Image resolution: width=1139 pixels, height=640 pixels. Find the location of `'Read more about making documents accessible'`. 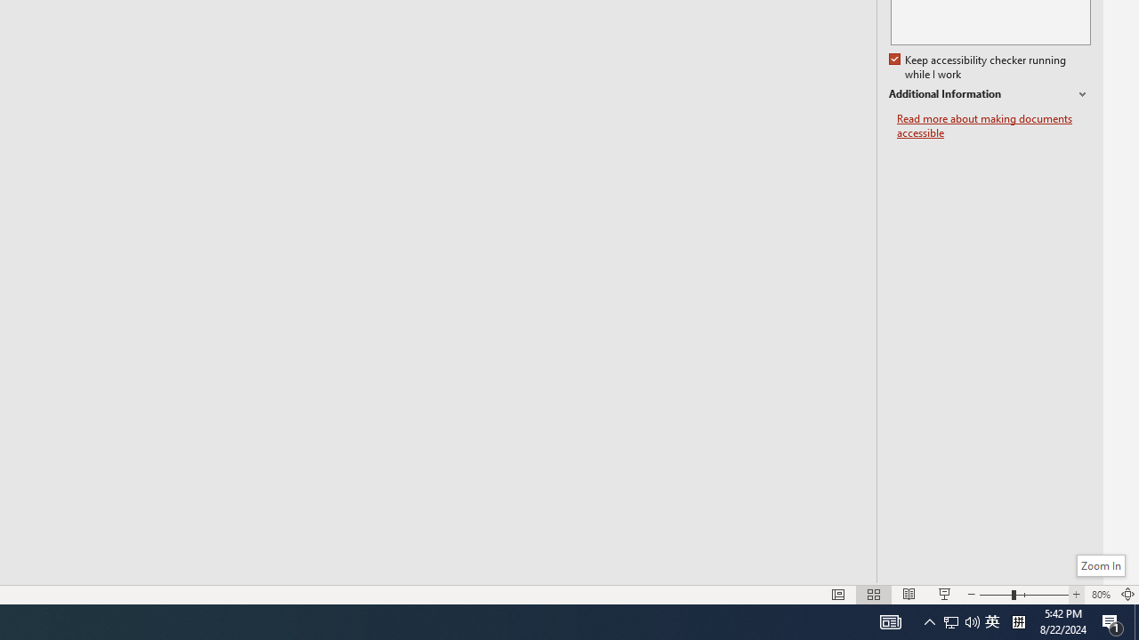

'Read more about making documents accessible' is located at coordinates (993, 125).